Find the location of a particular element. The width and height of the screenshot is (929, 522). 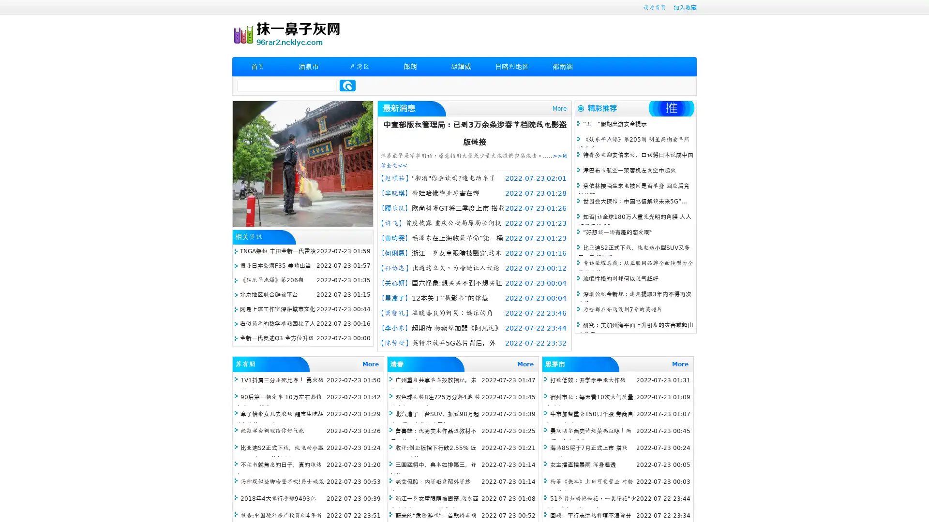

Search is located at coordinates (347, 85).